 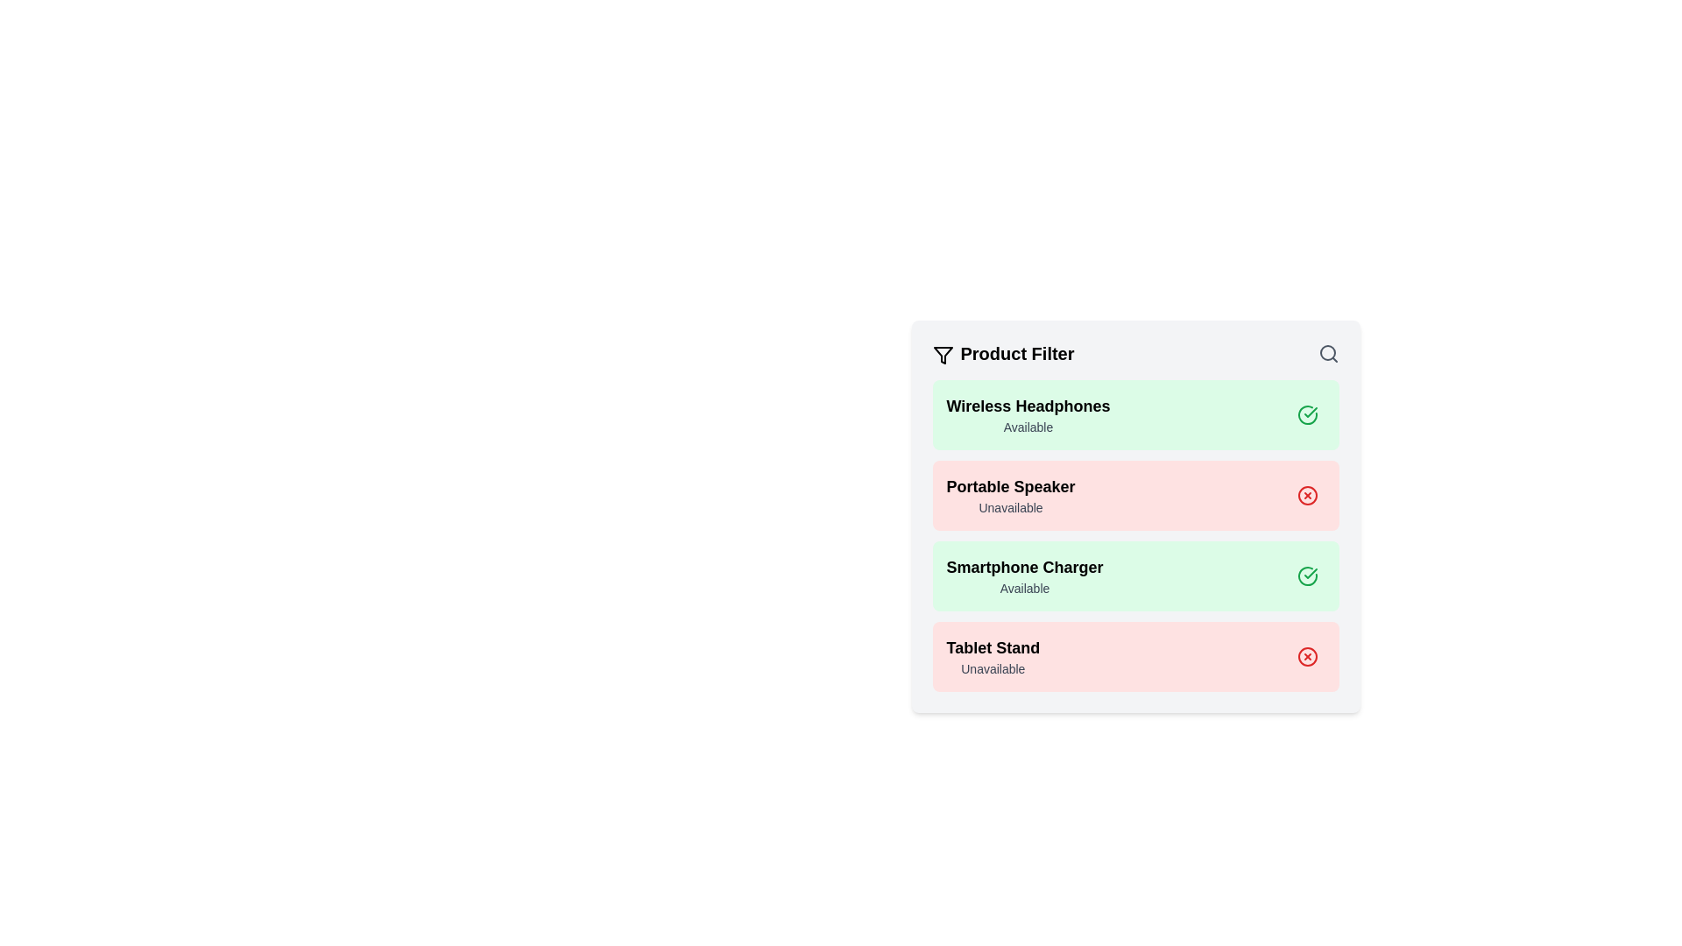 What do you see at coordinates (1025, 588) in the screenshot?
I see `the static text element that contains the text 'Available', which is styled with a small font size and gray color, located beneath the label 'Smartphone Charger' in a green-colored card` at bounding box center [1025, 588].